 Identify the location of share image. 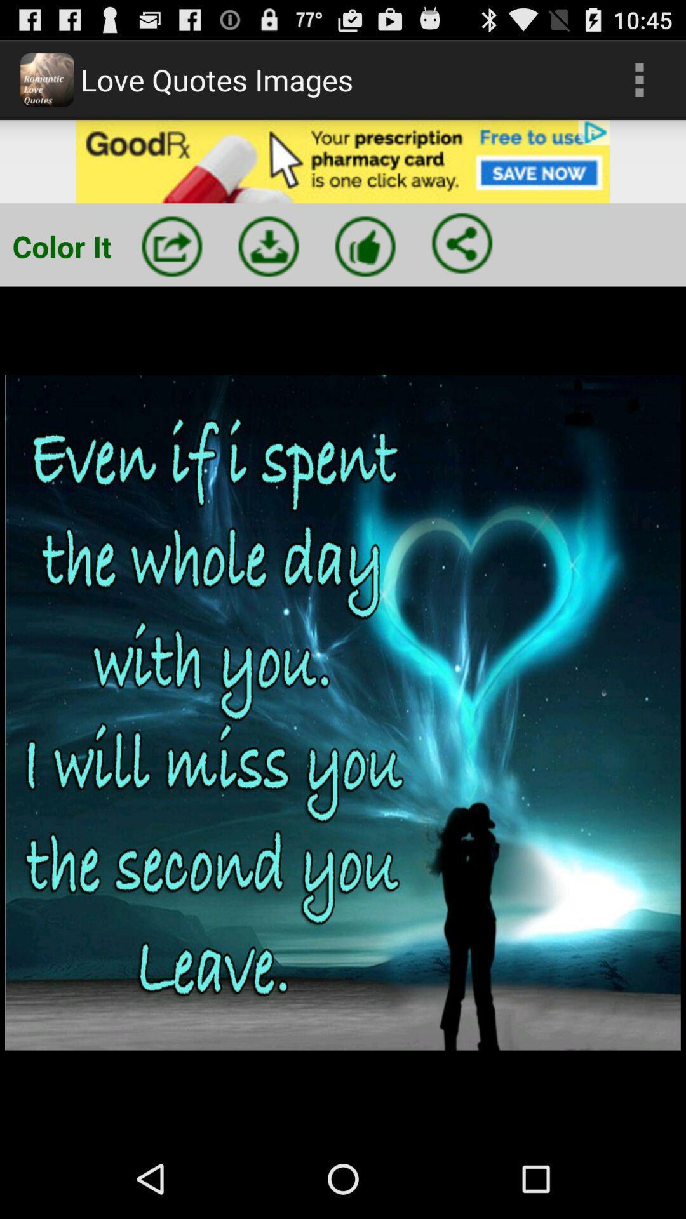
(171, 246).